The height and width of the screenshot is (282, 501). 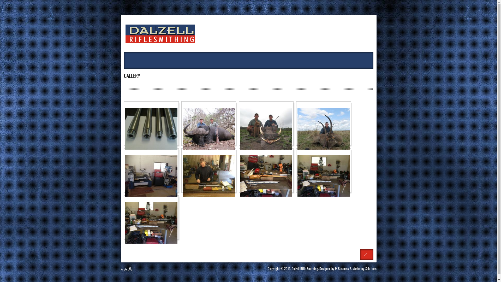 What do you see at coordinates (323, 129) in the screenshot?
I see `'Click to enlarge image IMG_0834.jpg'` at bounding box center [323, 129].